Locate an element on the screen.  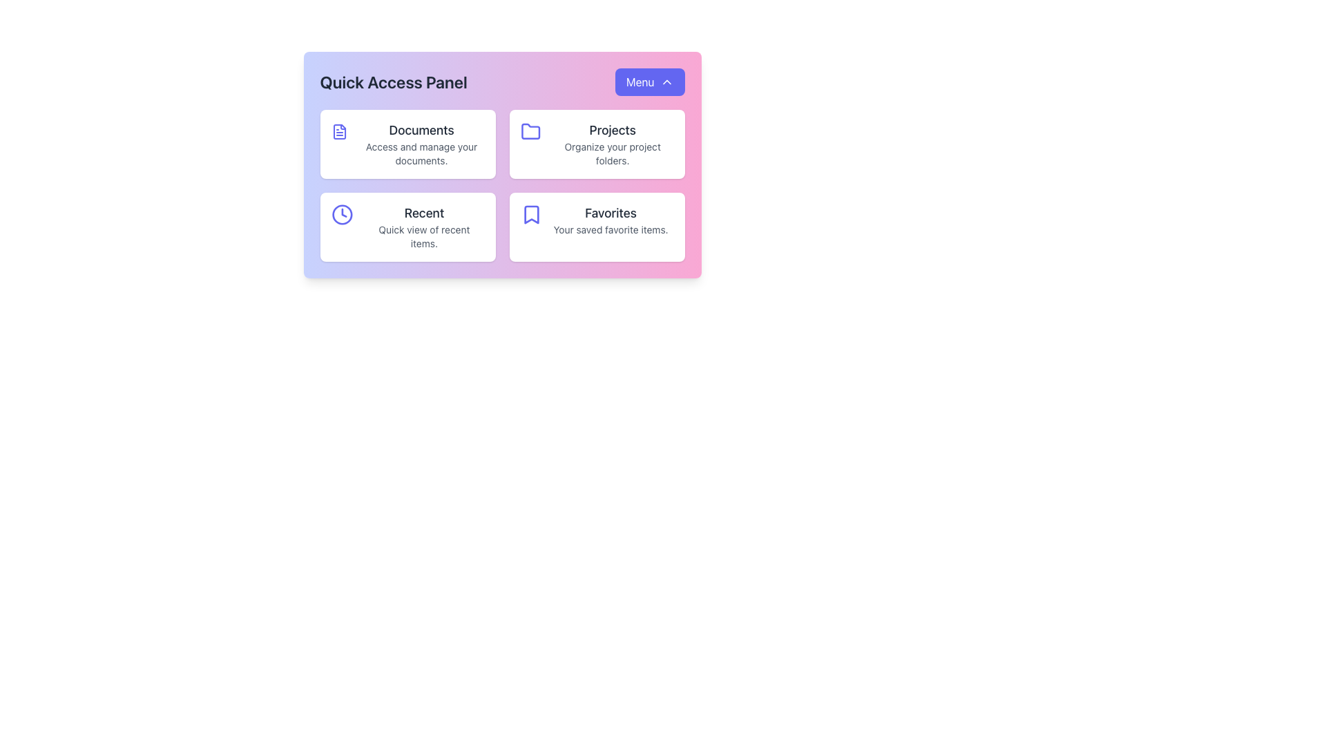
the static text label 'Favorites' displayed in bold black font in the bottom-right card of the Quick Access Panel is located at coordinates (610, 213).